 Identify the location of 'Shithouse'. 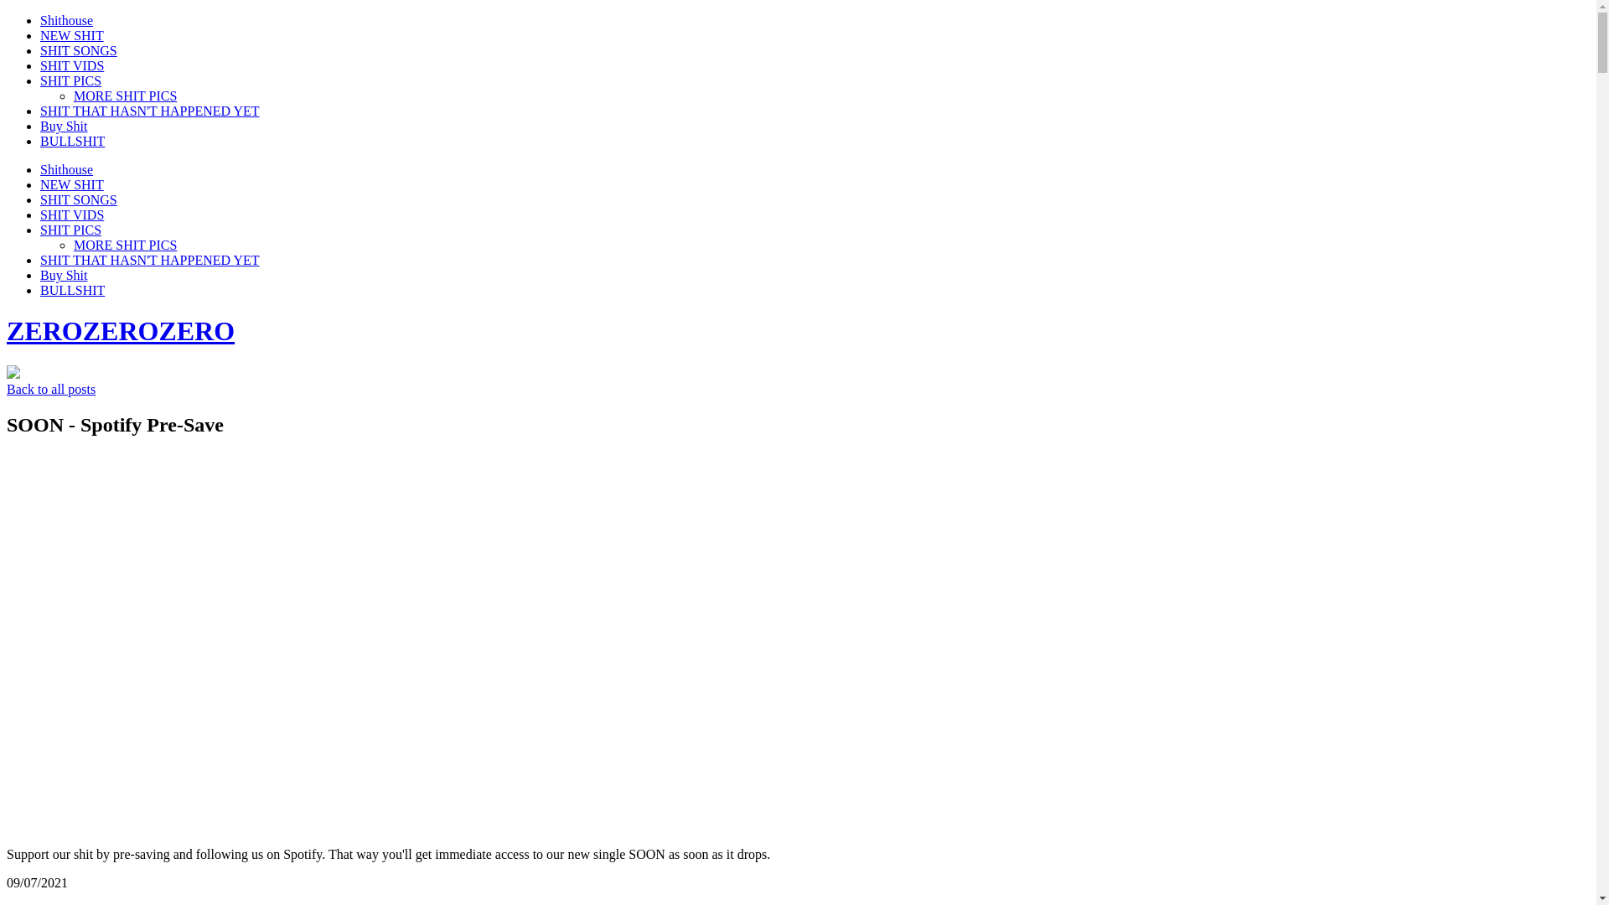
(66, 169).